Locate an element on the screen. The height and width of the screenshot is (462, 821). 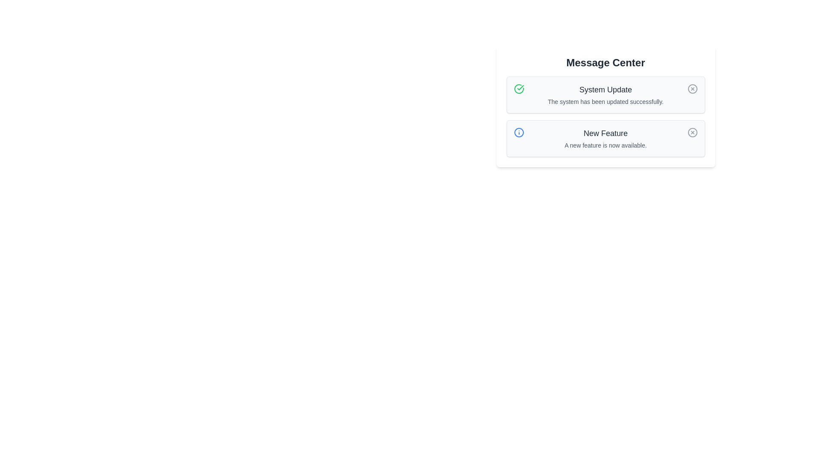
the circular graphical element located to the right of the 'System Update' text in the 'Message Center' panel is located at coordinates (692, 89).